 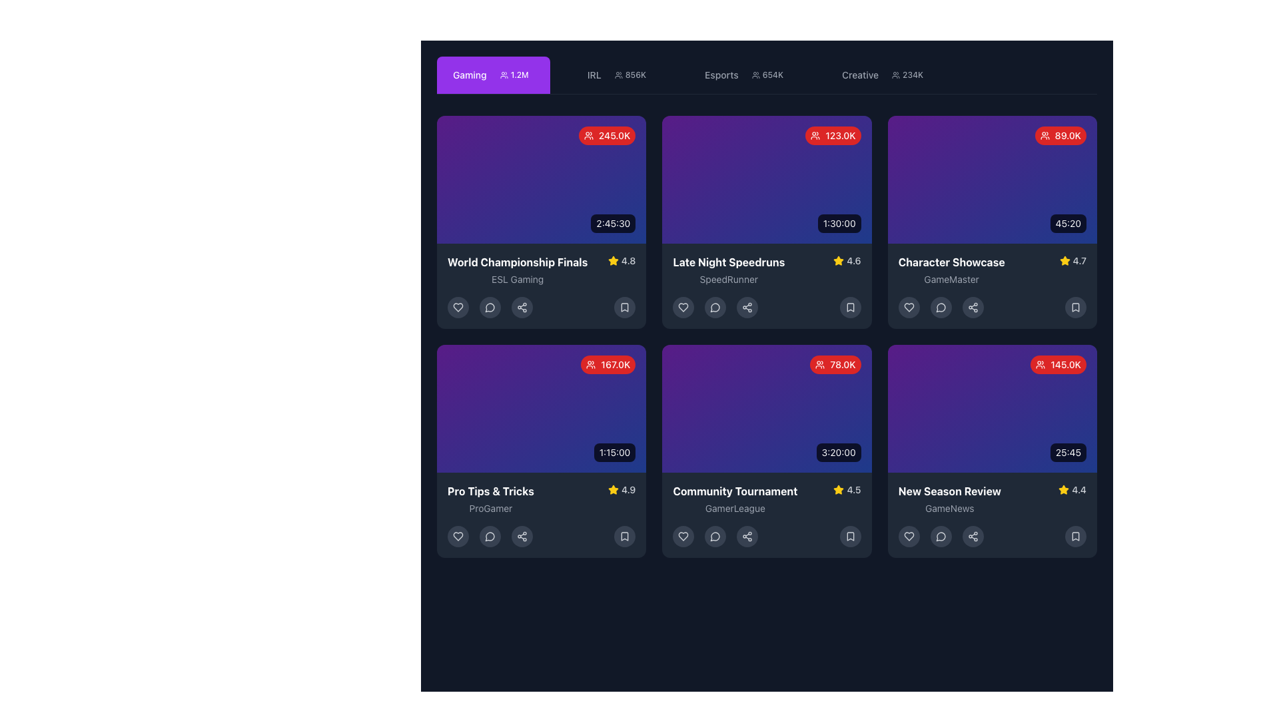 I want to click on label displaying the text 'Creative', which is styled in gray and located to the left of the icon and the text '234K' in the top section of the interface, so click(x=860, y=75).